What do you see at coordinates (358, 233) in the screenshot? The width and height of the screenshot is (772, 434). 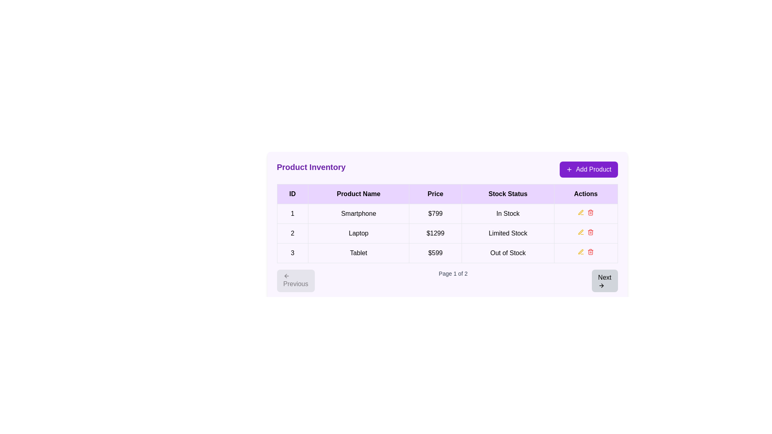 I see `the text label displaying 'Laptop' located in the second row under the 'Product Name' column of the 'Product Inventory' table` at bounding box center [358, 233].